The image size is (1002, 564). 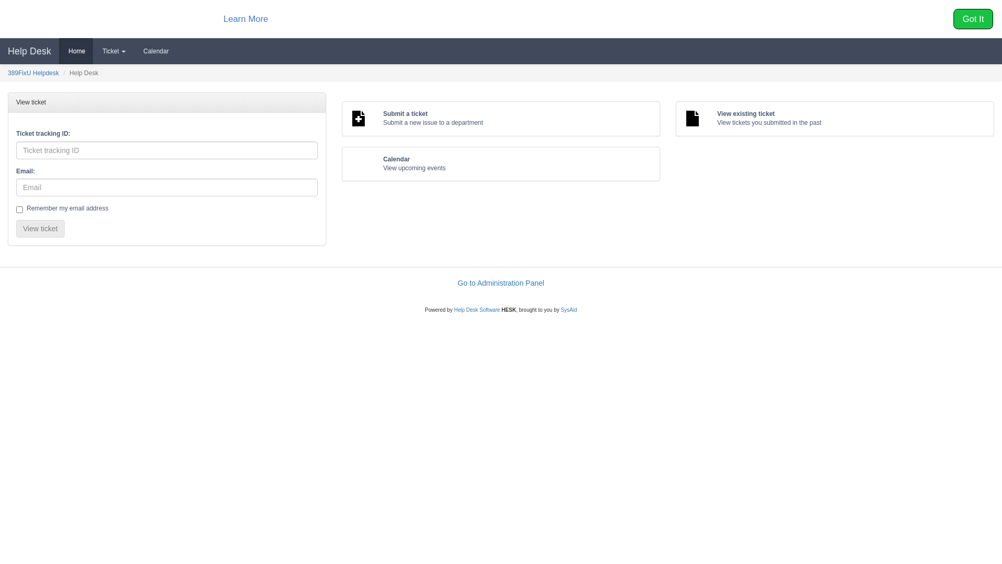 What do you see at coordinates (458, 283) in the screenshot?
I see `'Go to Administration Panel'` at bounding box center [458, 283].